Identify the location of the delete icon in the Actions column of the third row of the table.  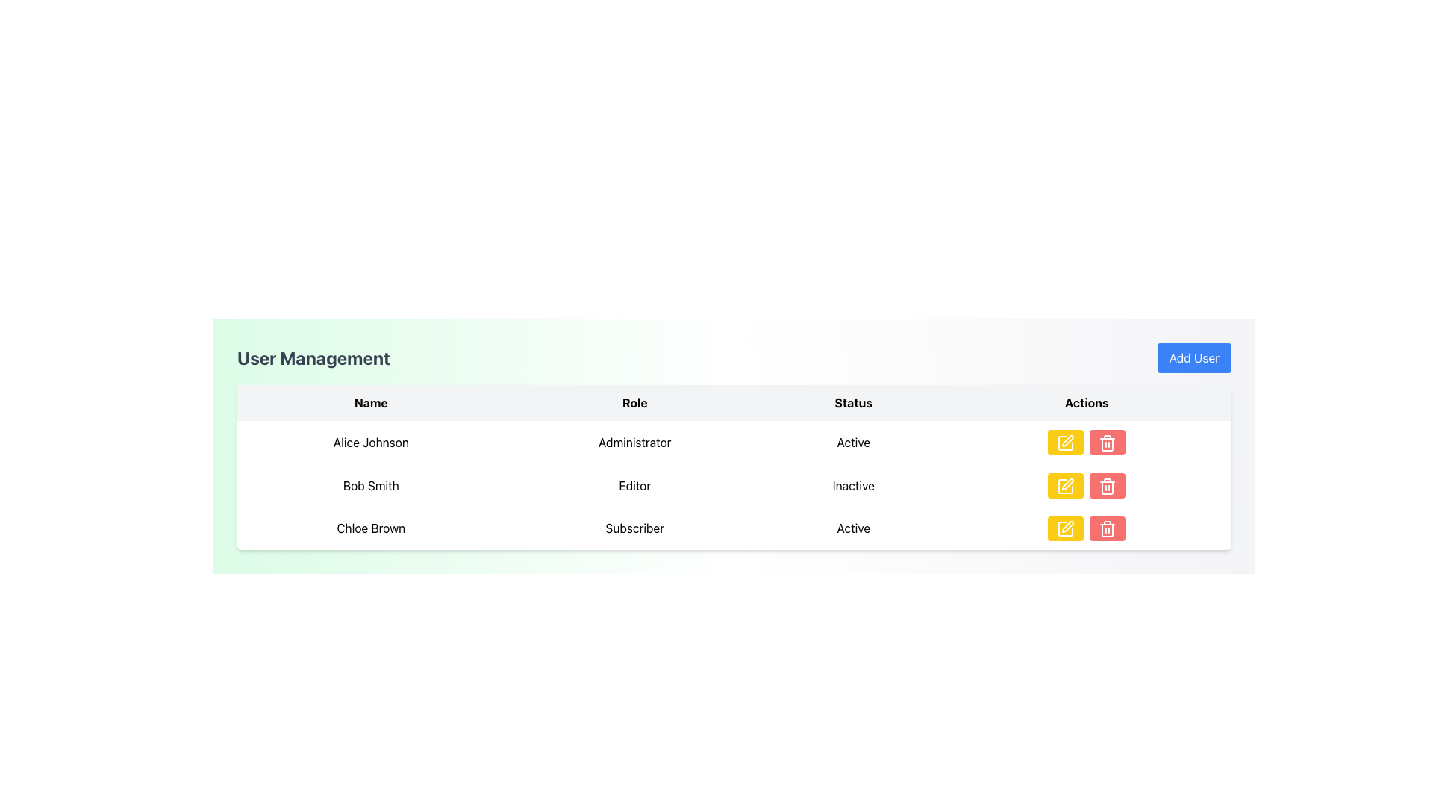
(1108, 442).